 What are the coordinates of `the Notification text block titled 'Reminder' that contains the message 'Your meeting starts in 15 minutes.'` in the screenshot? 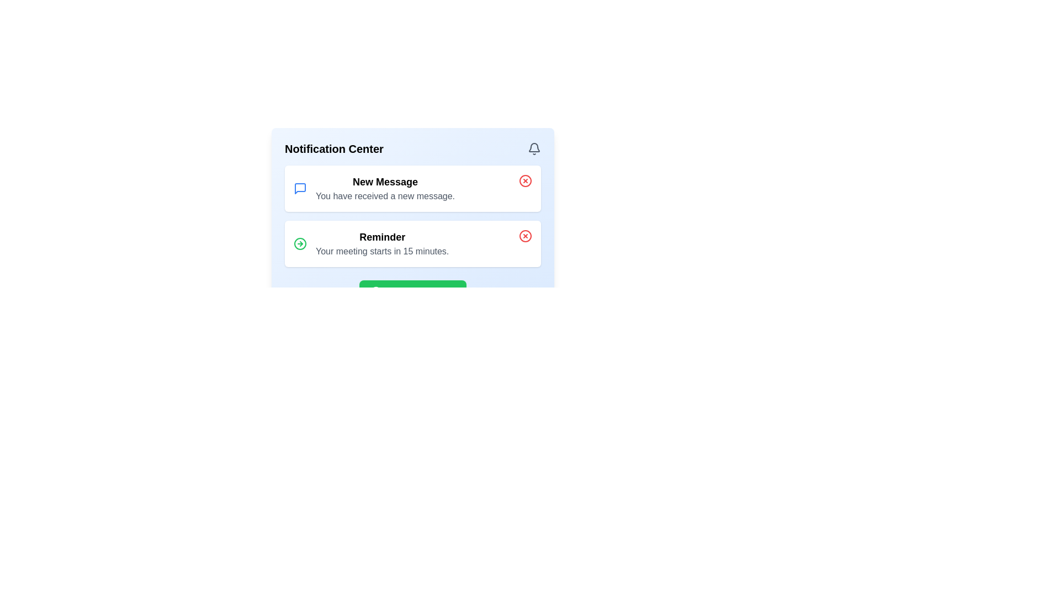 It's located at (382, 243).